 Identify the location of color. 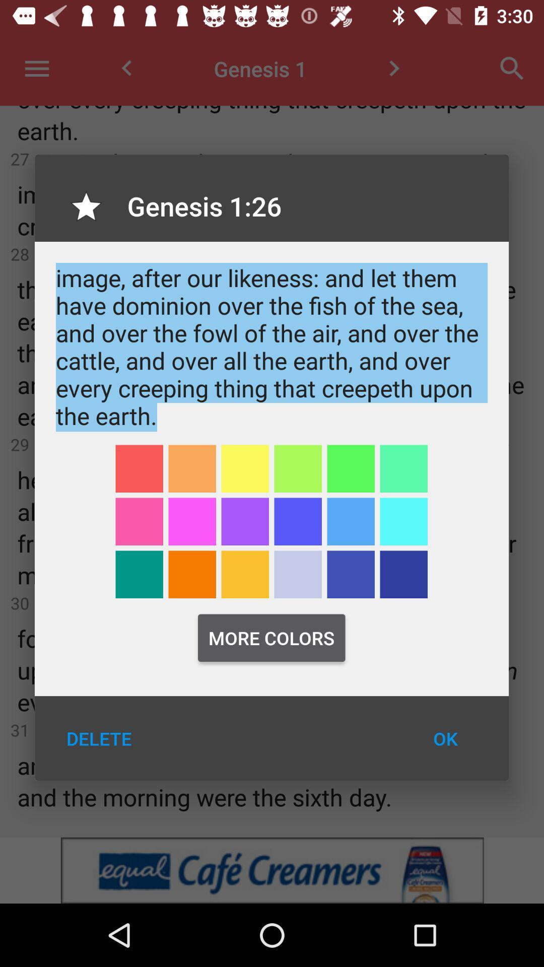
(297, 468).